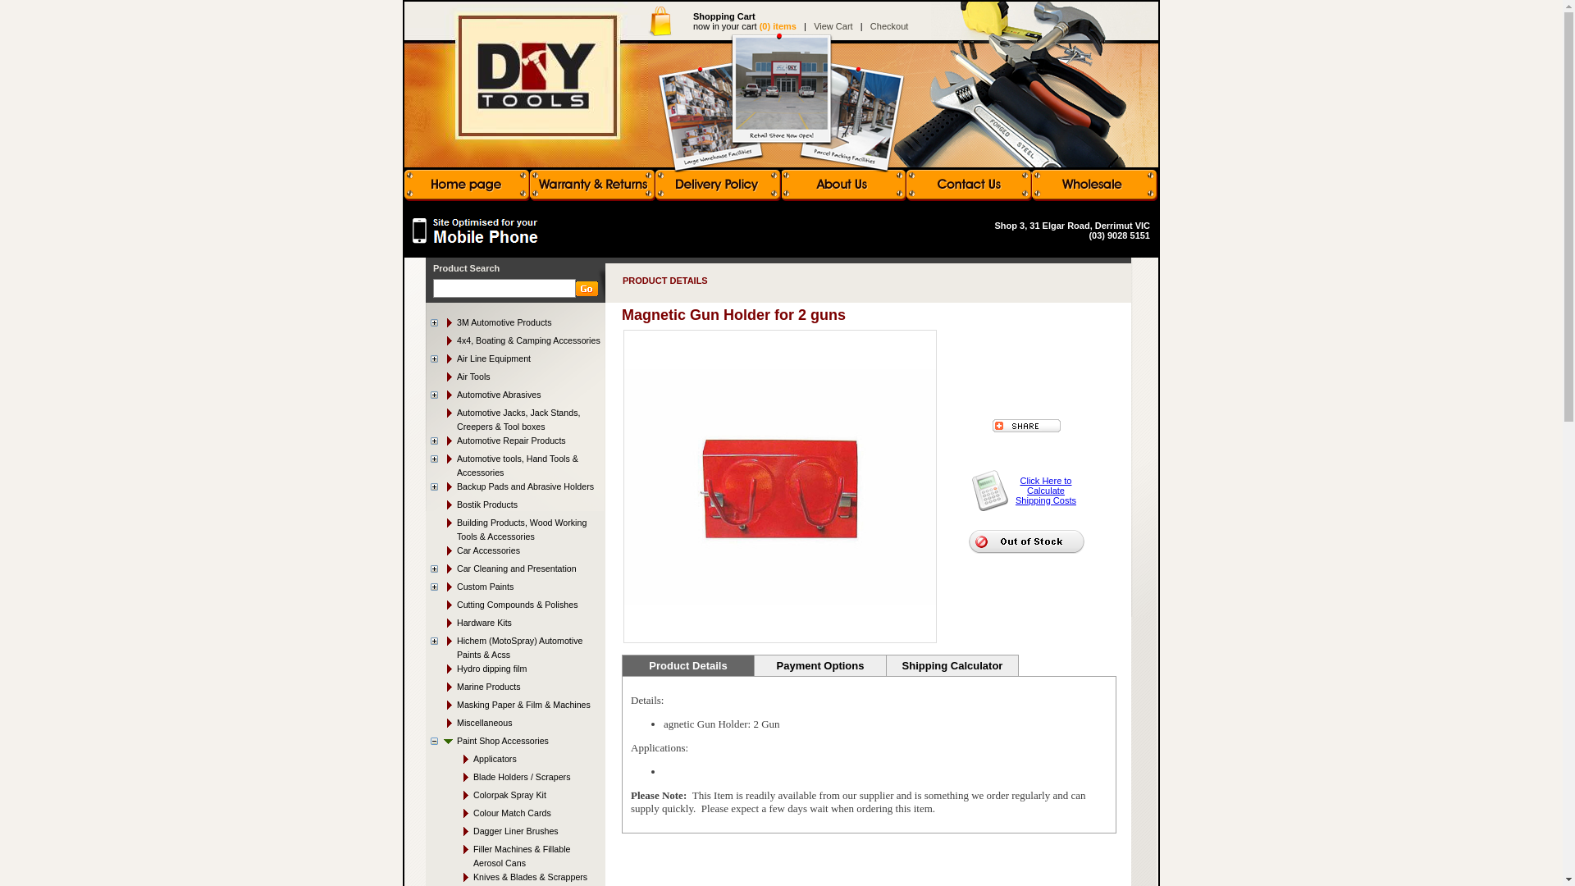 The image size is (1575, 886). What do you see at coordinates (514, 608) in the screenshot?
I see `'Cutting Compounds & Polishes'` at bounding box center [514, 608].